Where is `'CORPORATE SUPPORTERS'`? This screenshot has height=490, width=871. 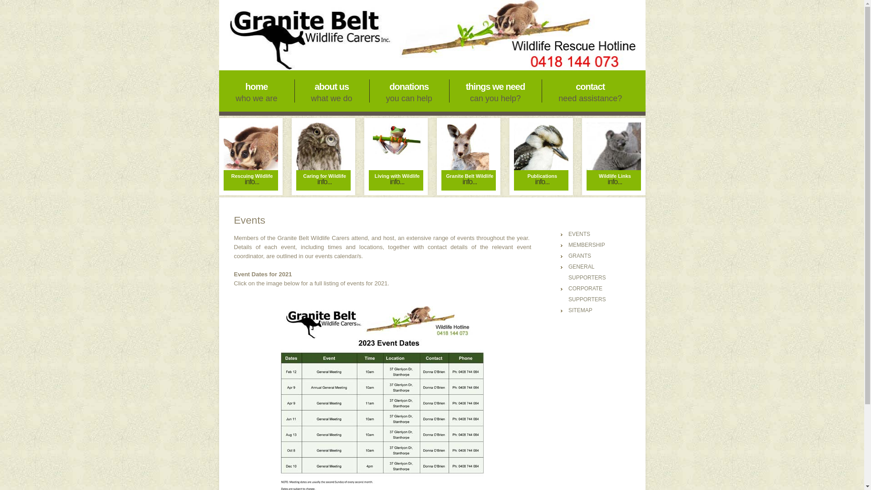
'CORPORATE SUPPORTERS' is located at coordinates (587, 294).